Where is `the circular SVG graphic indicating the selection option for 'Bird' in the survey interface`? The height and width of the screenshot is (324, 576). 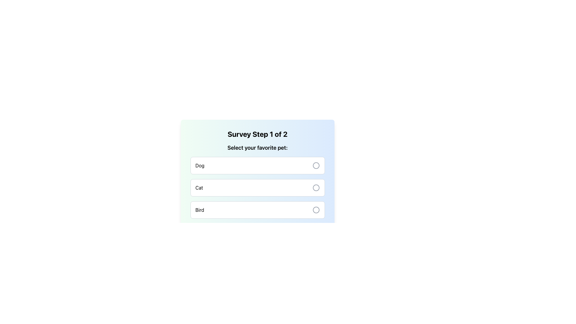 the circular SVG graphic indicating the selection option for 'Bird' in the survey interface is located at coordinates (316, 209).